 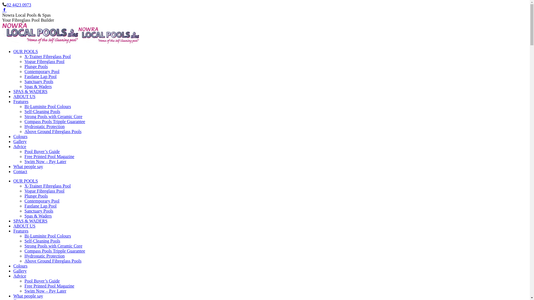 I want to click on 'Skip to content', so click(x=2, y=2).